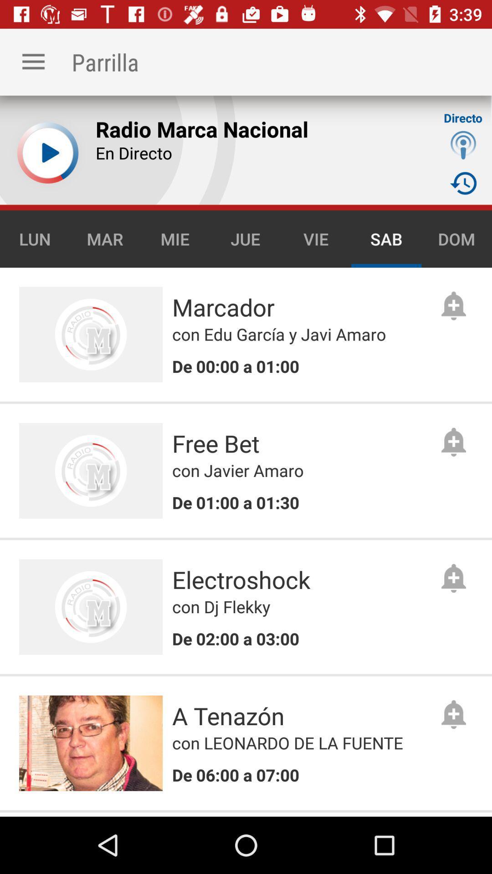  Describe the element at coordinates (463, 183) in the screenshot. I see `the history icon` at that location.